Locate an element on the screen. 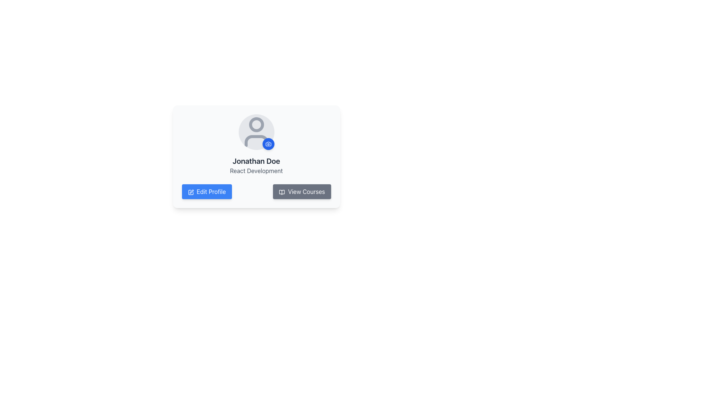 The width and height of the screenshot is (716, 402). the pen icon located to the left of the 'Edit Profile' text in the editing button at the bottom-left of the card component is located at coordinates (191, 192).